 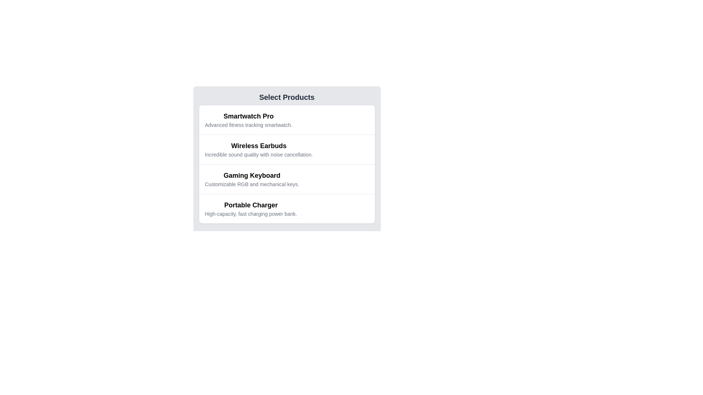 I want to click on the fourth list item labeled 'Portable Charger', so click(x=286, y=208).